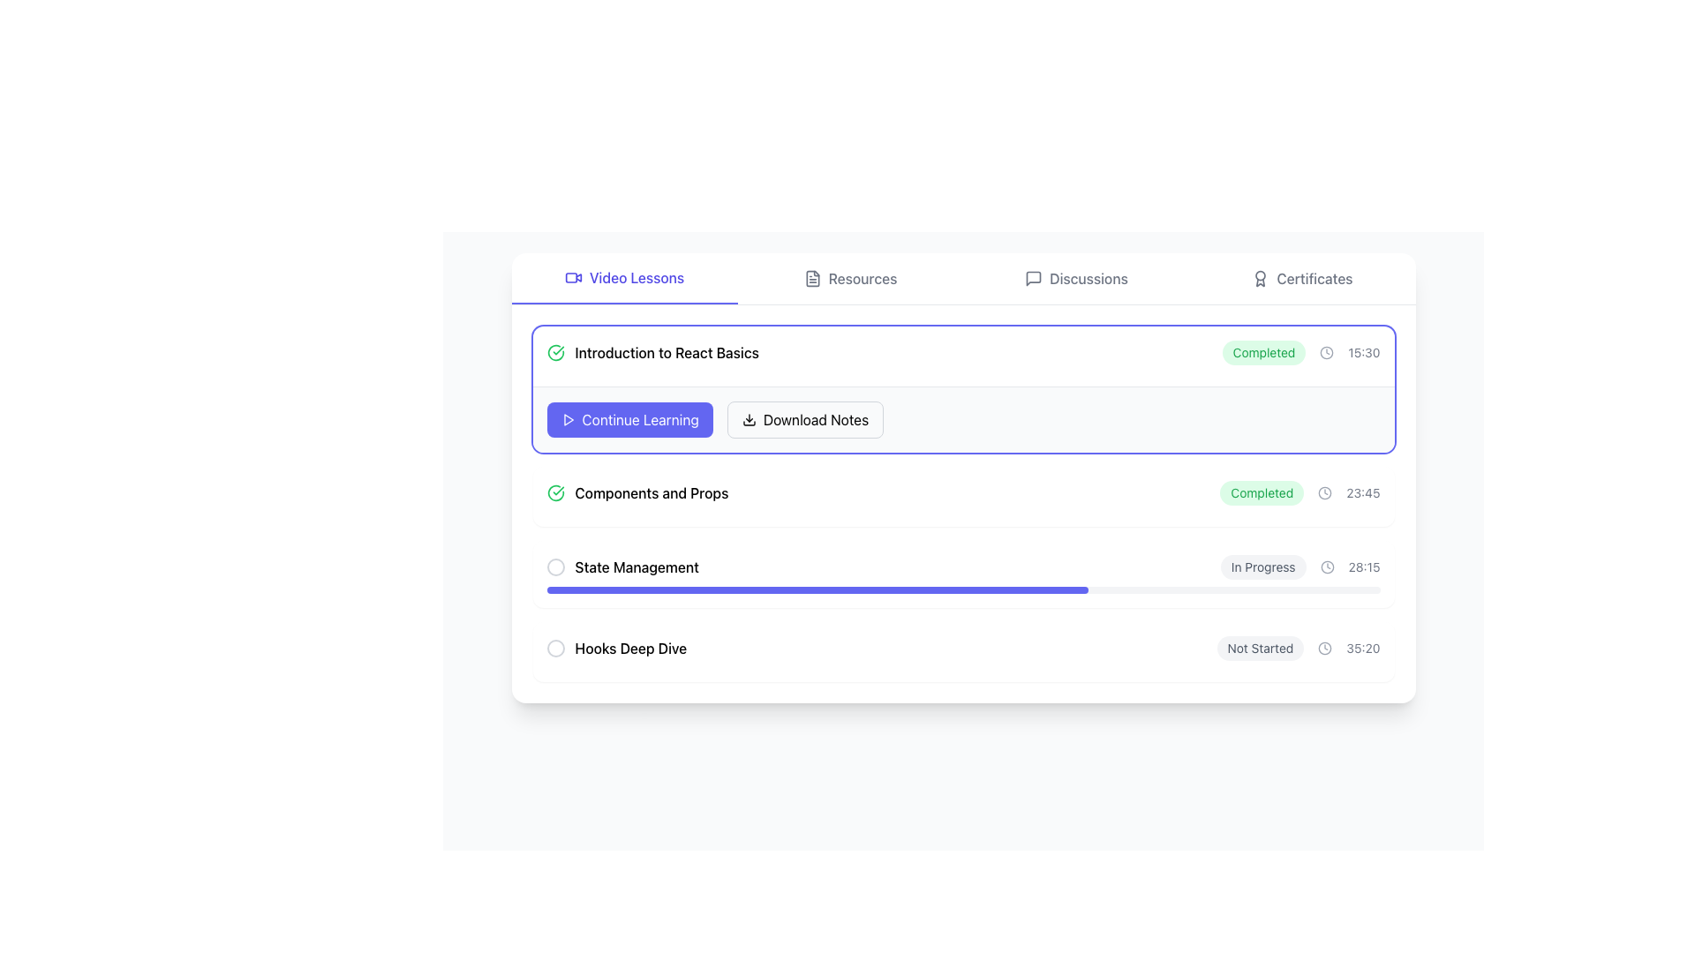 This screenshot has height=953, width=1695. Describe the element at coordinates (624, 278) in the screenshot. I see `the 'Video Lessons' tab-style button, which is the first tab` at that location.